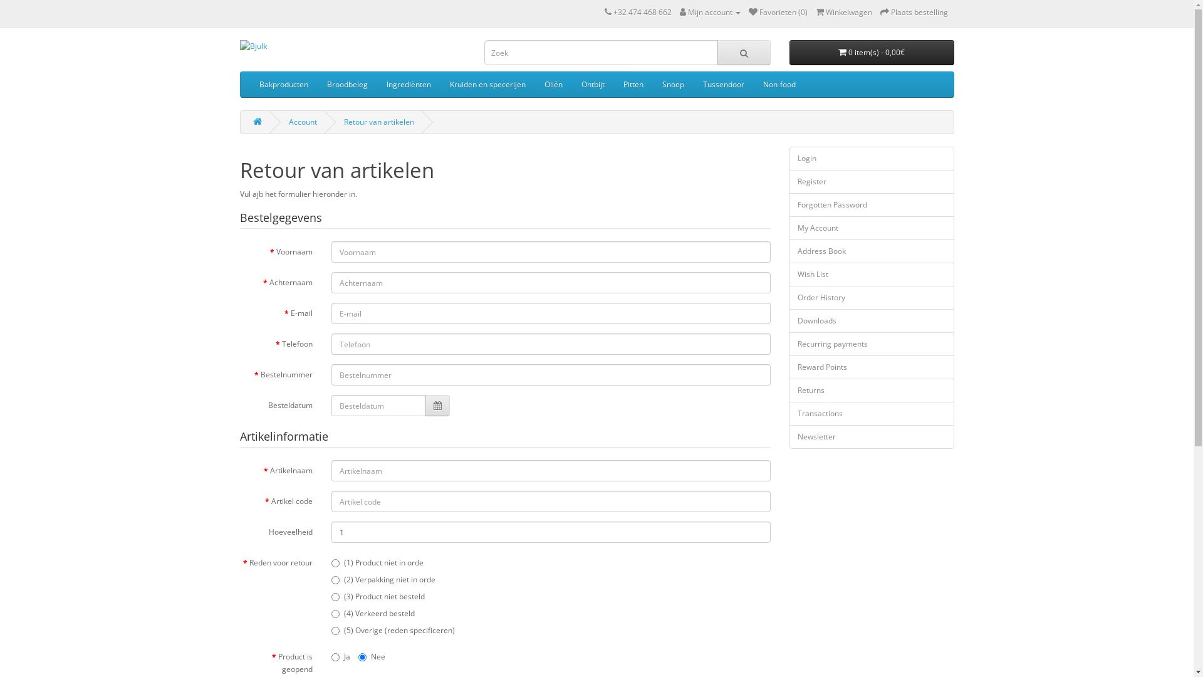 This screenshot has width=1203, height=677. What do you see at coordinates (777, 12) in the screenshot?
I see `'Favorieten (0)'` at bounding box center [777, 12].